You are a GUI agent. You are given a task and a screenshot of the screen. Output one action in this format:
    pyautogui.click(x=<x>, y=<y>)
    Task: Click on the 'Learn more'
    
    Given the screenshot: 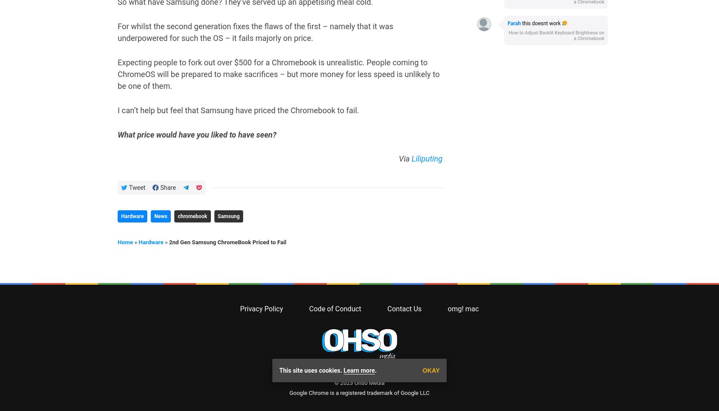 What is the action you would take?
    pyautogui.click(x=359, y=29)
    